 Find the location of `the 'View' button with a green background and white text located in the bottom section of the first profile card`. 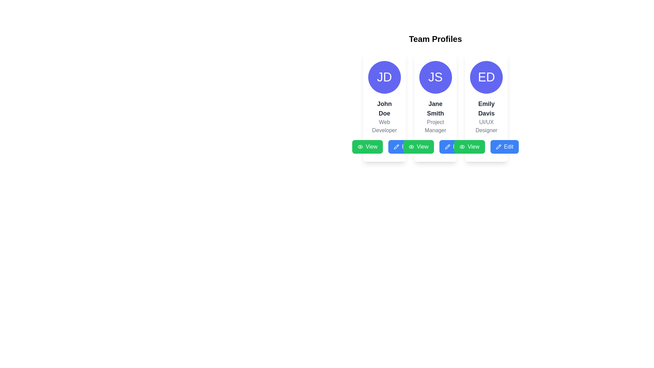

the 'View' button with a green background and white text located in the bottom section of the first profile card is located at coordinates (371, 147).